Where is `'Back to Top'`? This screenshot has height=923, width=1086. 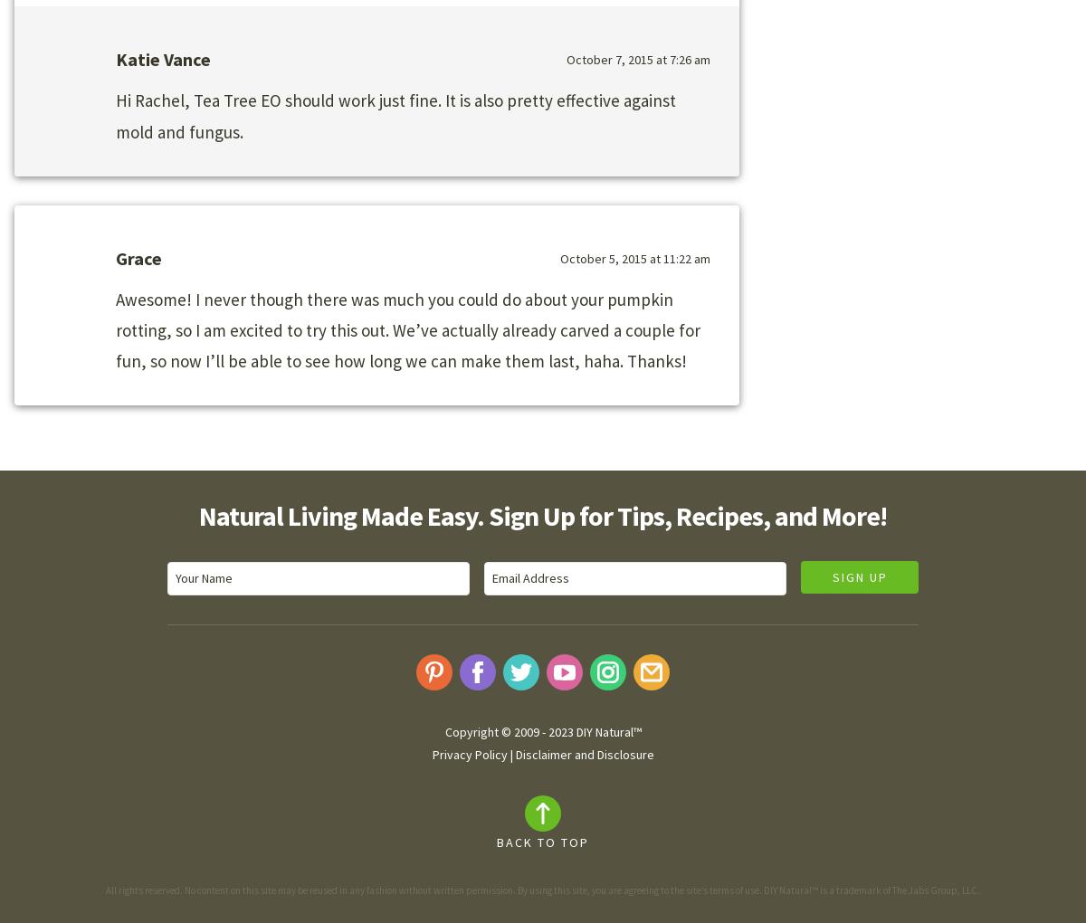 'Back to Top' is located at coordinates (543, 842).